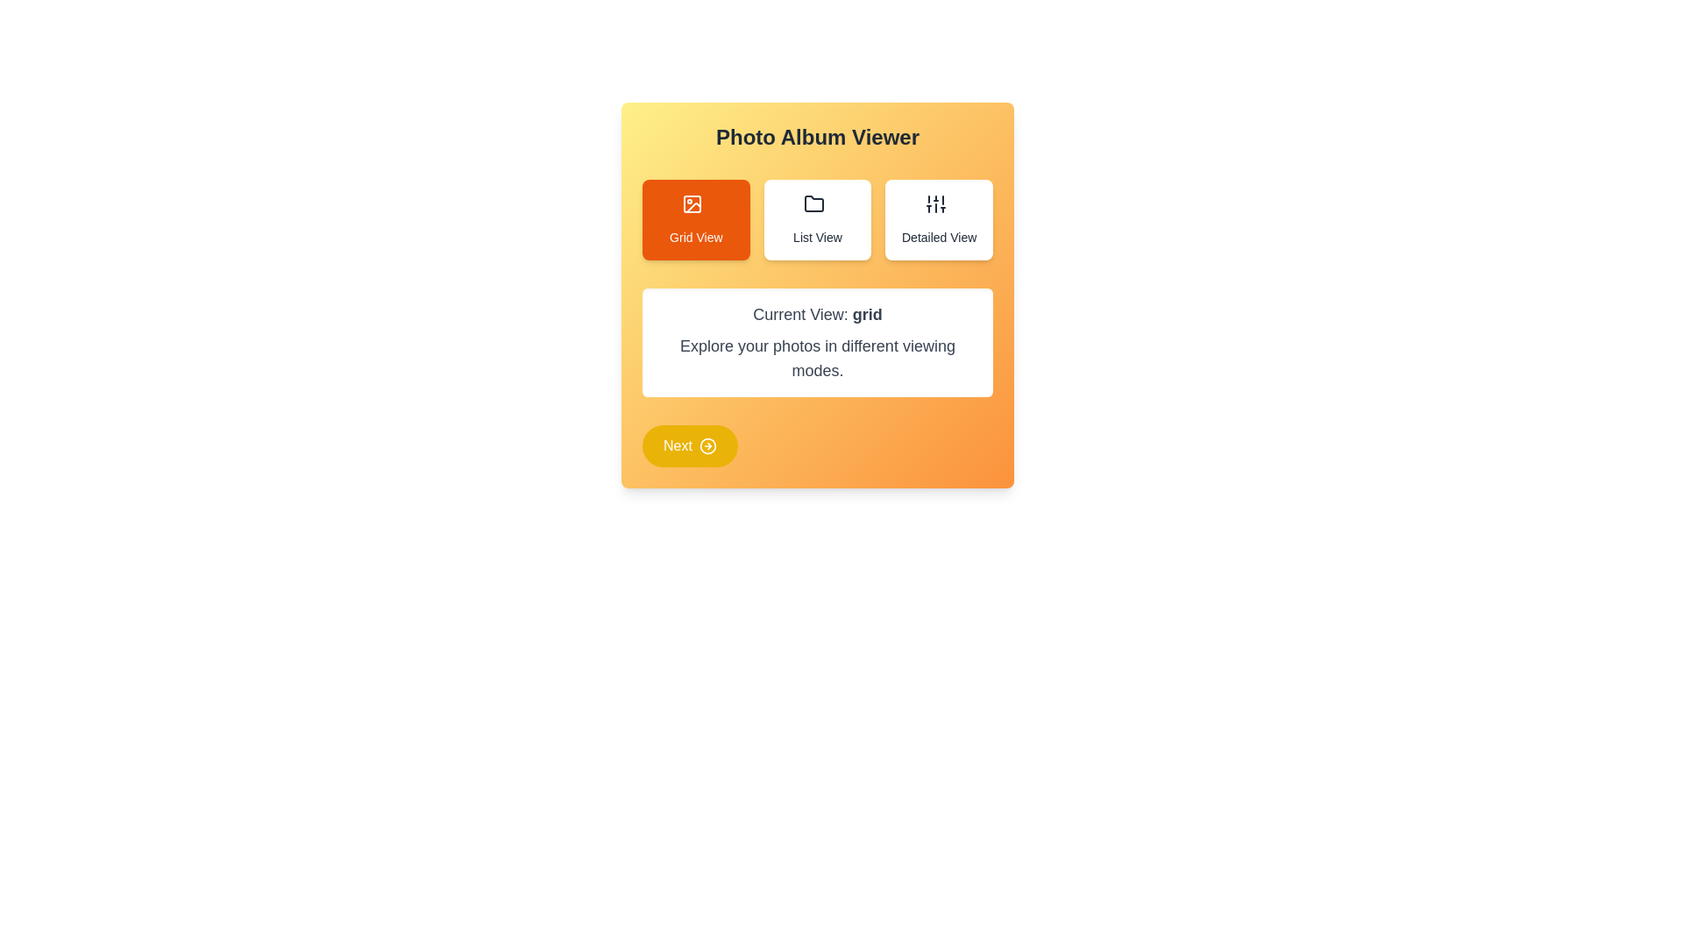 The height and width of the screenshot is (947, 1683). Describe the element at coordinates (938, 237) in the screenshot. I see `the 'Detailed View' text label, which is centrally aligned within a card-style button, positioned as the rightmost button among three view mode options` at that location.